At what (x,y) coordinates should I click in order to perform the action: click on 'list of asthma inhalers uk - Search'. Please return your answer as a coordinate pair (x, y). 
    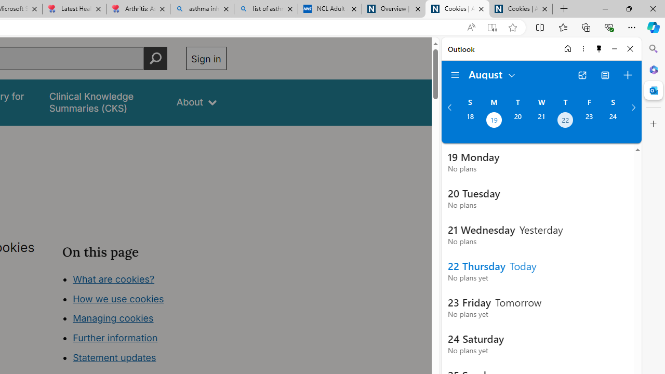
    Looking at the image, I should click on (266, 9).